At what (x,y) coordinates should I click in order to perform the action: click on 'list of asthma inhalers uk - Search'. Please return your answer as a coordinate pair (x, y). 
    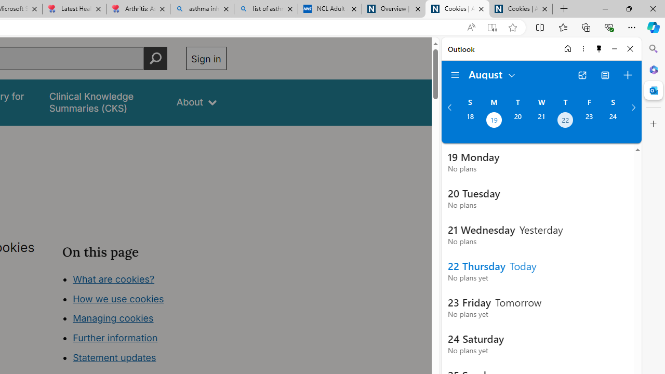
    Looking at the image, I should click on (266, 9).